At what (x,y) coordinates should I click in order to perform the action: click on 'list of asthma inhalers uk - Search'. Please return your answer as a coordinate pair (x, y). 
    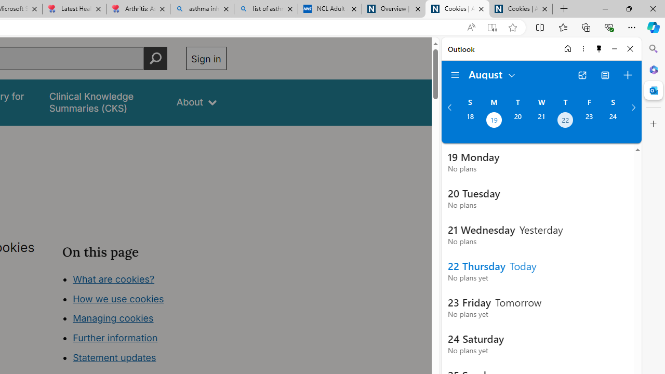
    Looking at the image, I should click on (266, 9).